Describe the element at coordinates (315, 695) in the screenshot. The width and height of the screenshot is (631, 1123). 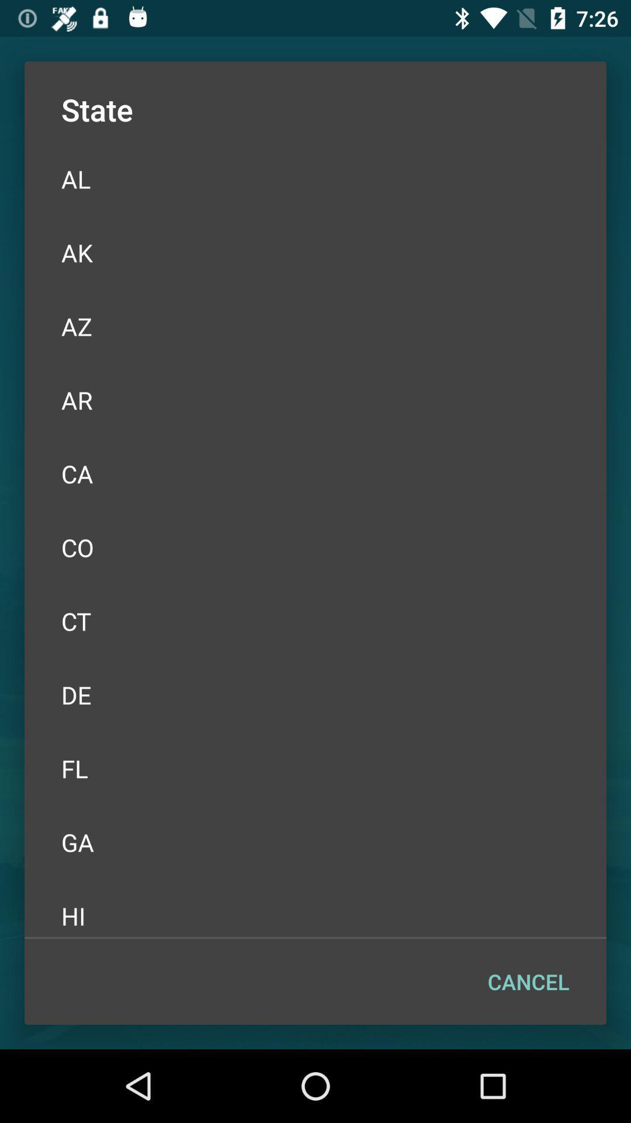
I see `the icon above the fl icon` at that location.